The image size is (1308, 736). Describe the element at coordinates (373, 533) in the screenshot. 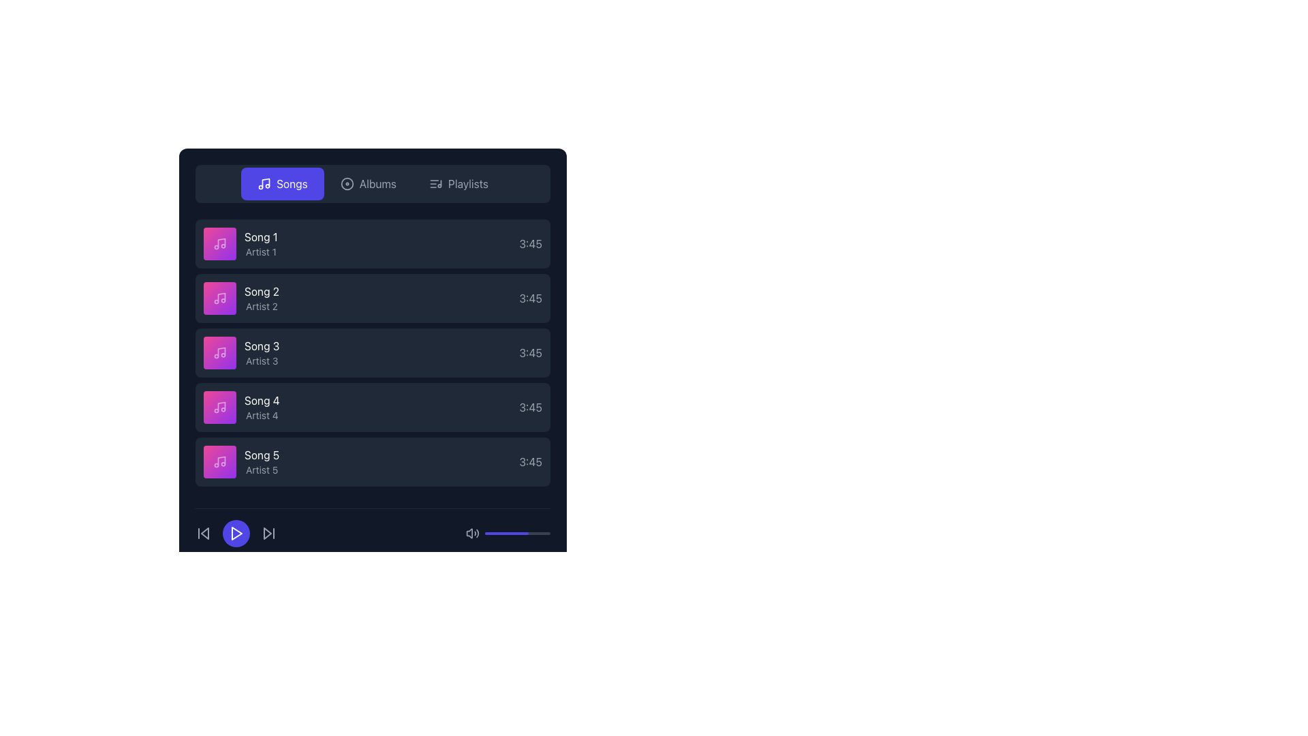

I see `the buttons of the Playback control bar at the bottom of the interface` at that location.